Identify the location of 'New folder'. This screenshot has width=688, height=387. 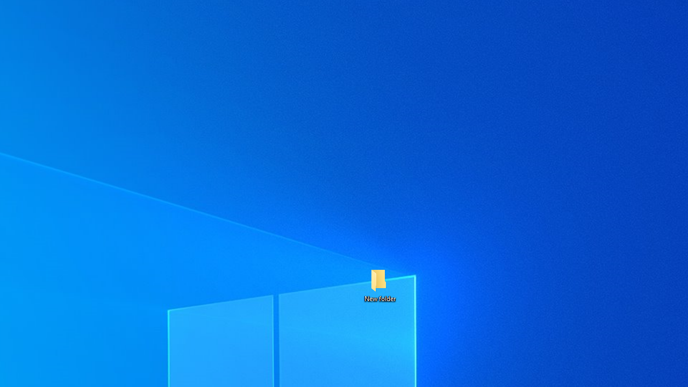
(379, 284).